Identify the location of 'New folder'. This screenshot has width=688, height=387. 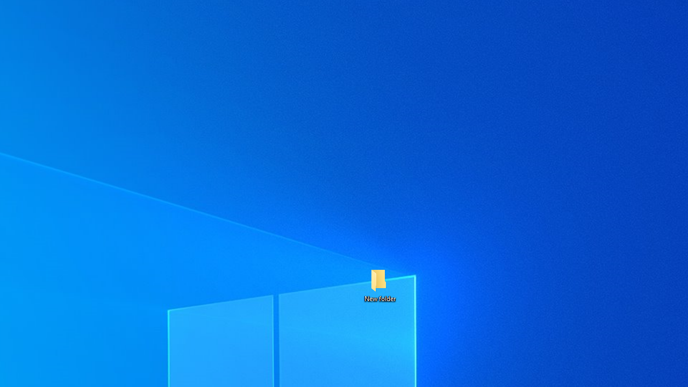
(379, 284).